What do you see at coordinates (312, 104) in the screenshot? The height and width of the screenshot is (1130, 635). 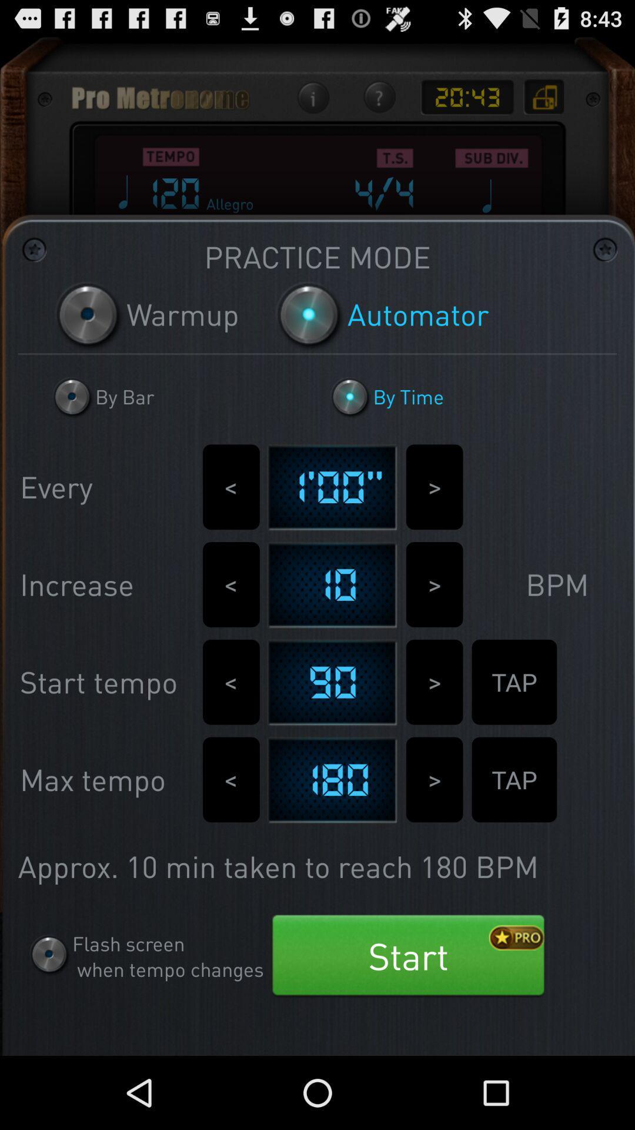 I see `the info icon` at bounding box center [312, 104].